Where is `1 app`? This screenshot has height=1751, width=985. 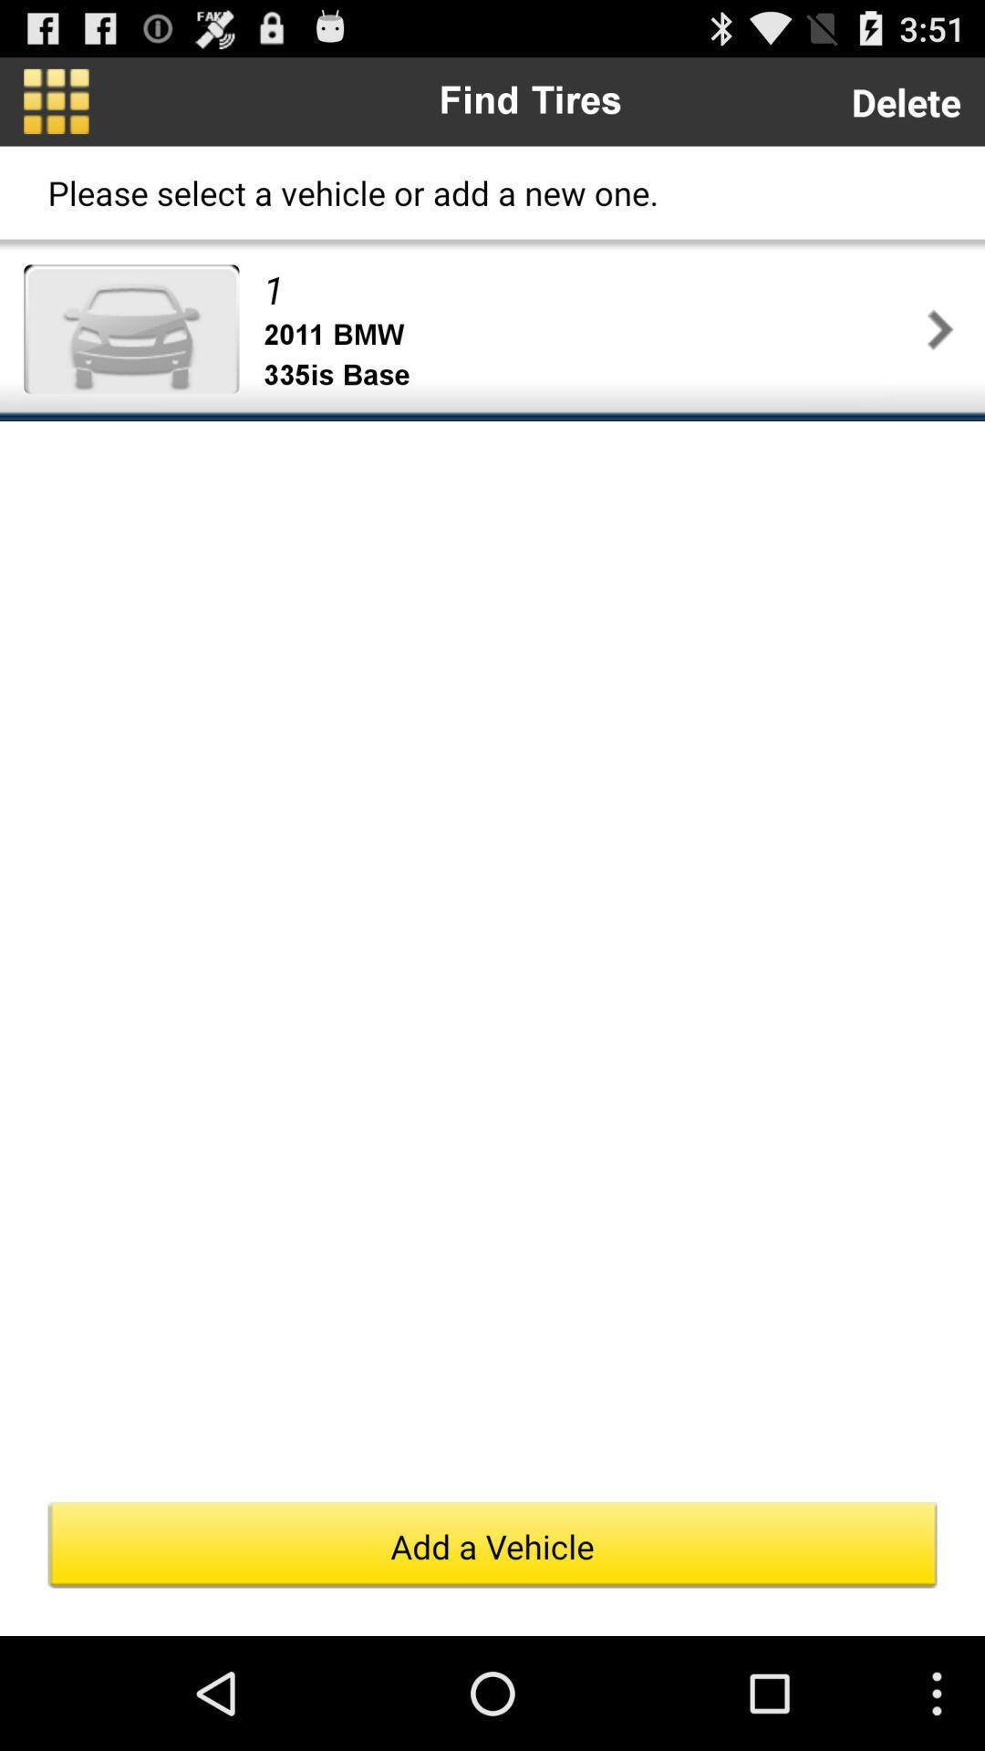
1 app is located at coordinates (591, 288).